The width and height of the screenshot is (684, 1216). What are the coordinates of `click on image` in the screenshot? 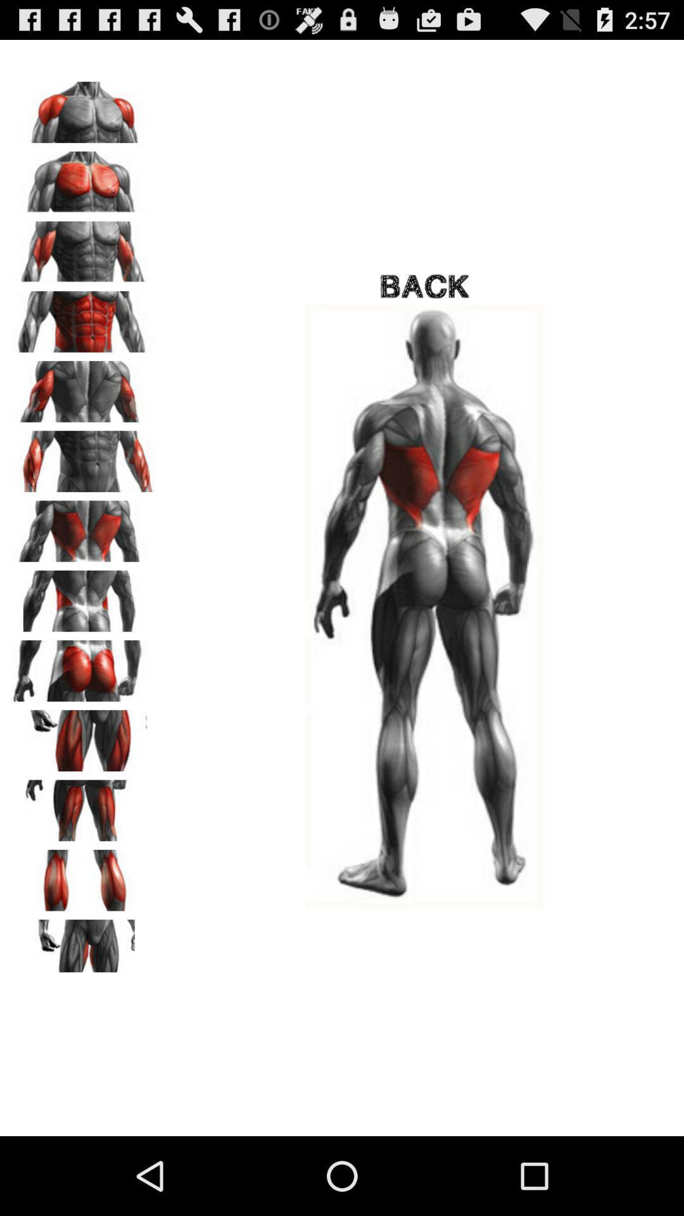 It's located at (83, 386).